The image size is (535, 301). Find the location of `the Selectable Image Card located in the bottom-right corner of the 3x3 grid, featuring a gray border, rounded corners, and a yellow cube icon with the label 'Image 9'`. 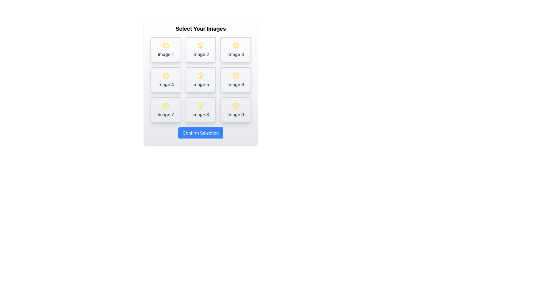

the Selectable Image Card located in the bottom-right corner of the 3x3 grid, featuring a gray border, rounded corners, and a yellow cube icon with the label 'Image 9' is located at coordinates (236, 110).